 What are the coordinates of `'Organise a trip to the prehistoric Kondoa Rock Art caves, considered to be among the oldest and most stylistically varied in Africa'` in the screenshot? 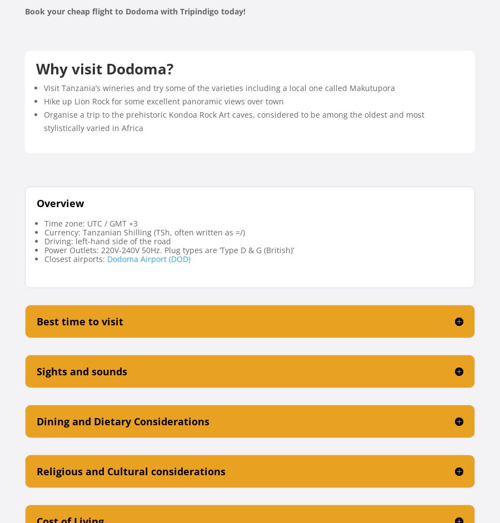 It's located at (43, 120).